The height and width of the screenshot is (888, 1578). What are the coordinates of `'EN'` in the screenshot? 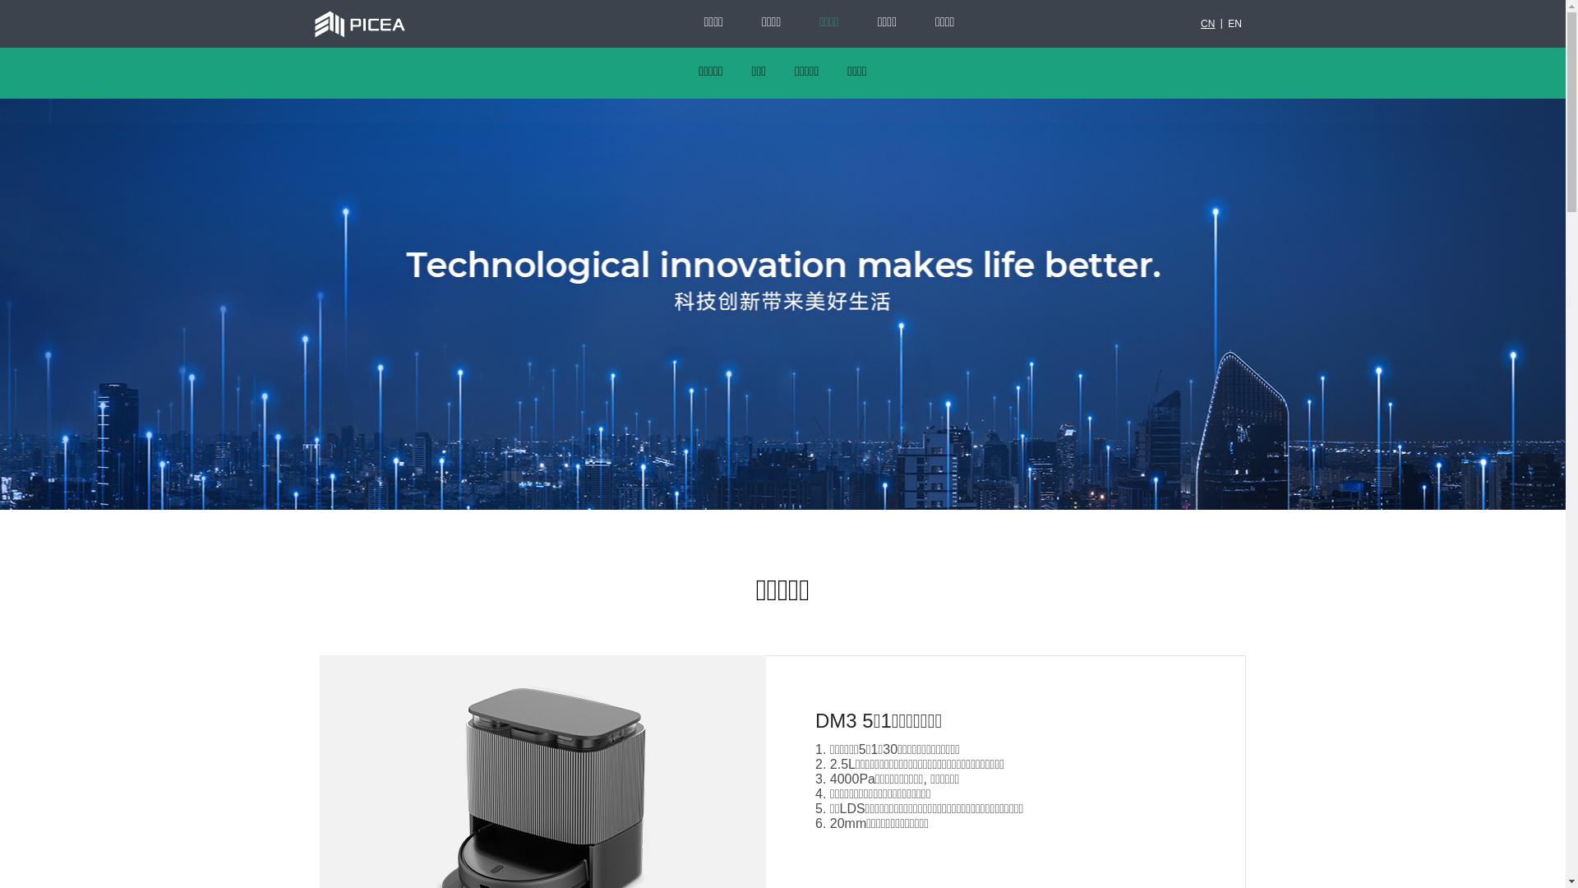 It's located at (1234, 24).